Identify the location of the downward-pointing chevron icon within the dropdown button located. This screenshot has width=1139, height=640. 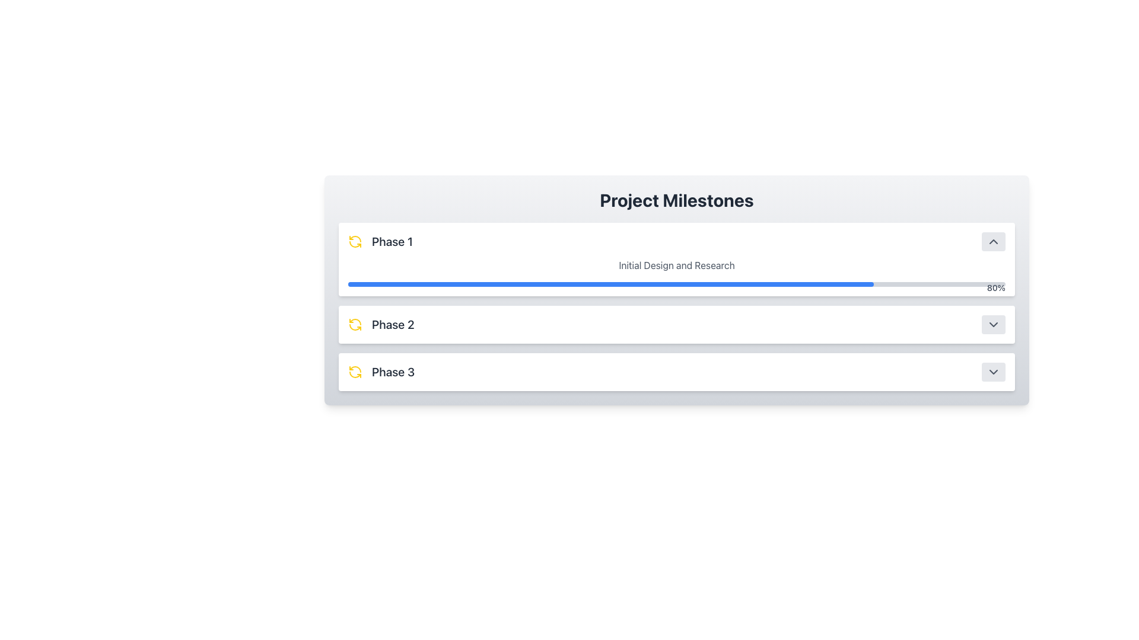
(994, 324).